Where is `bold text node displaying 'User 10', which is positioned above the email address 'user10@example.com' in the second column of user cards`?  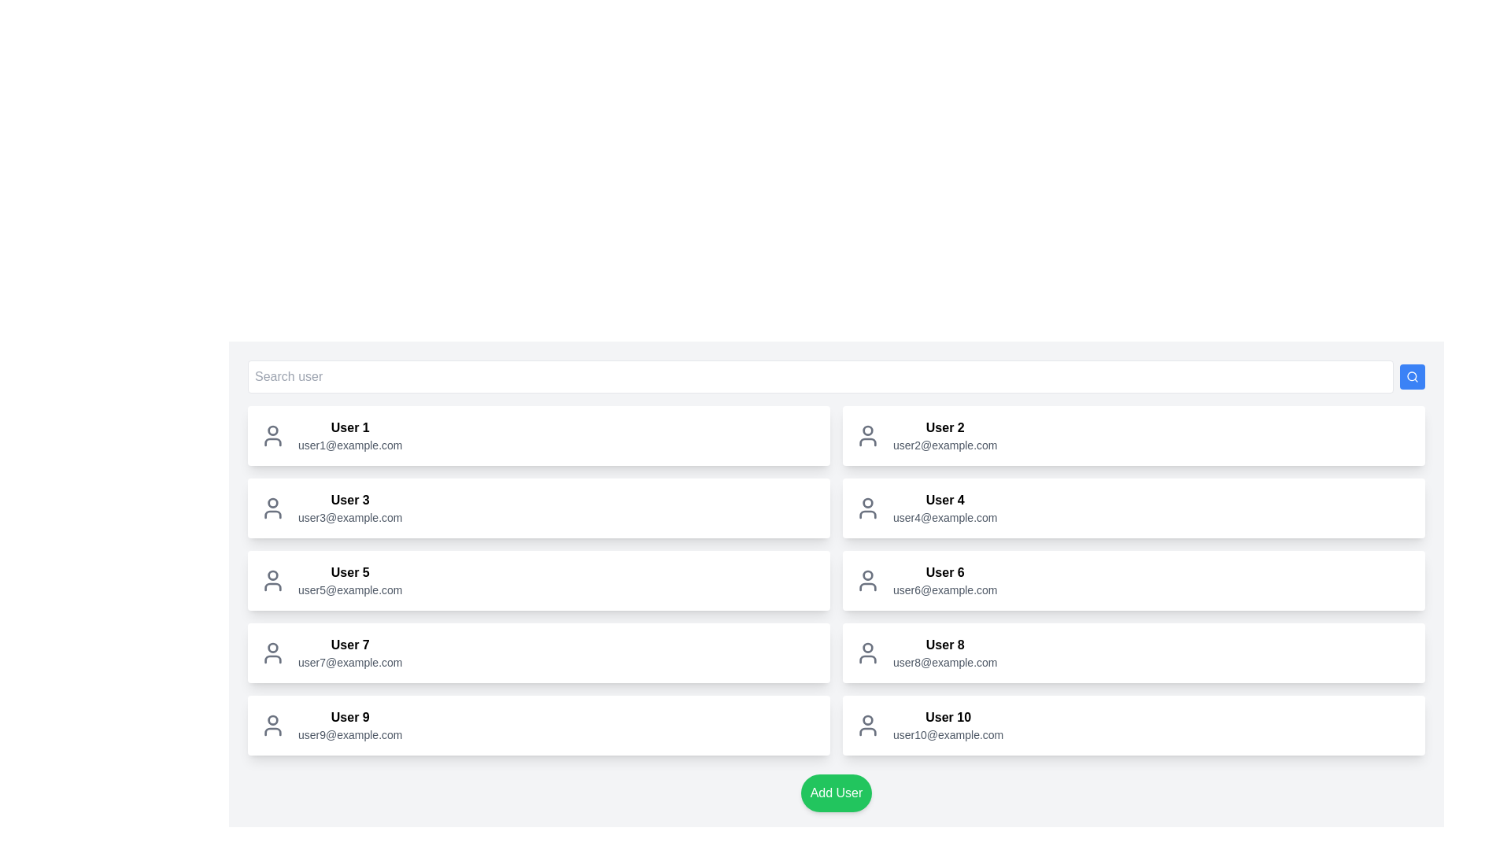
bold text node displaying 'User 10', which is positioned above the email address 'user10@example.com' in the second column of user cards is located at coordinates (948, 717).